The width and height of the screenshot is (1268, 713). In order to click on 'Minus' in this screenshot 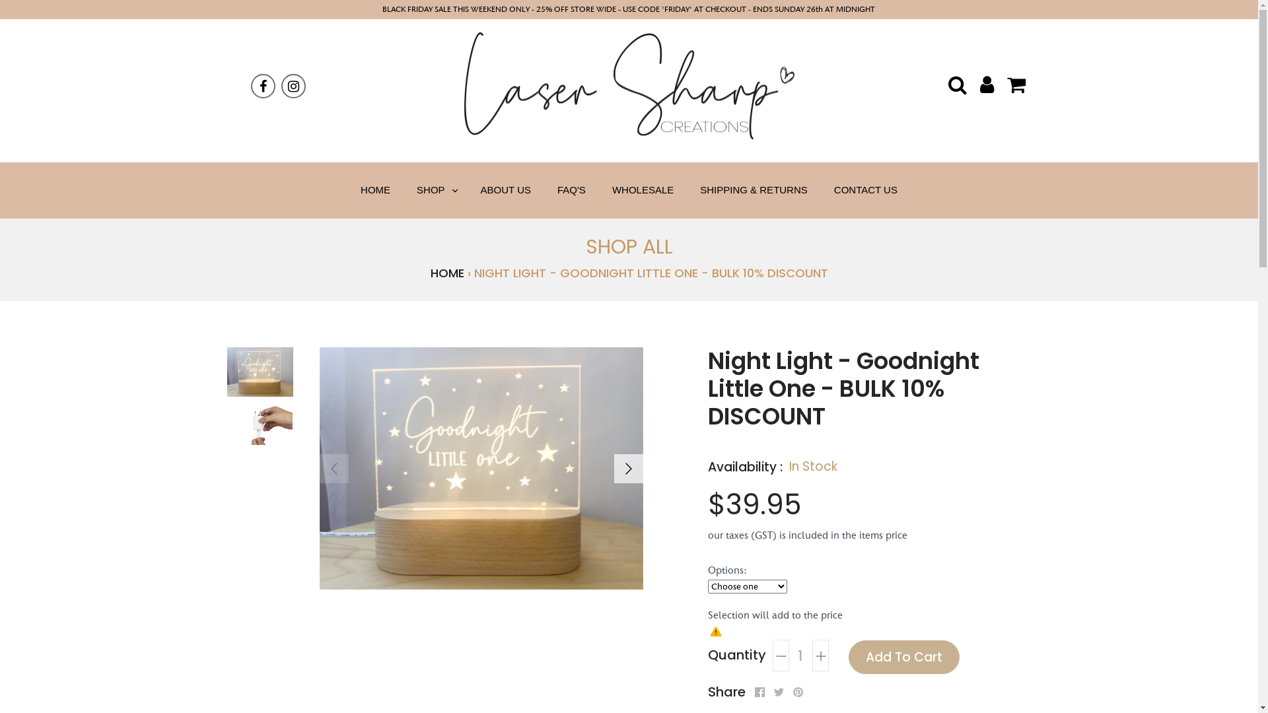, I will do `click(773, 655)`.